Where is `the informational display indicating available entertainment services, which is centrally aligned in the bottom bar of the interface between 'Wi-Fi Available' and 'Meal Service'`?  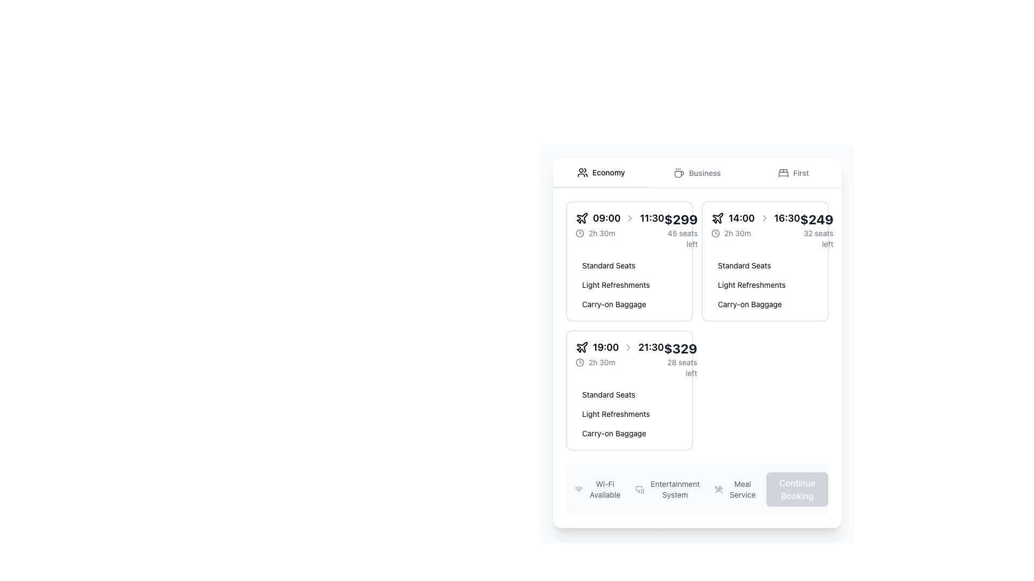
the informational display indicating available entertainment services, which is centrally aligned in the bottom bar of the interface between 'Wi-Fi Available' and 'Meal Service' is located at coordinates (668, 490).